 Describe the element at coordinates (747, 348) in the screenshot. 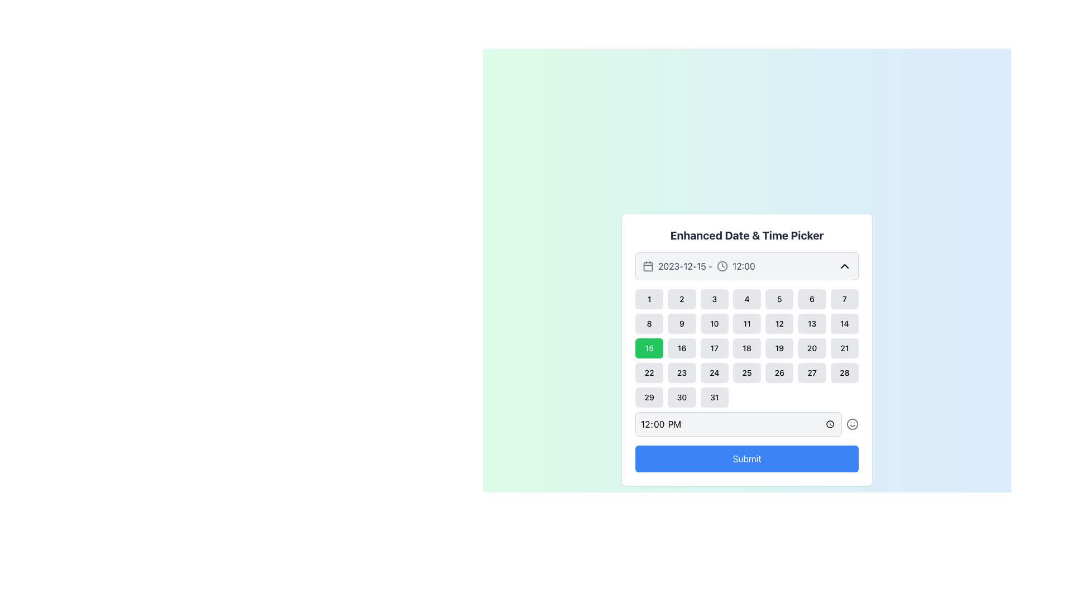

I see `the button displaying the number '18' in the fourth row and fourth column of the grid layout` at that location.